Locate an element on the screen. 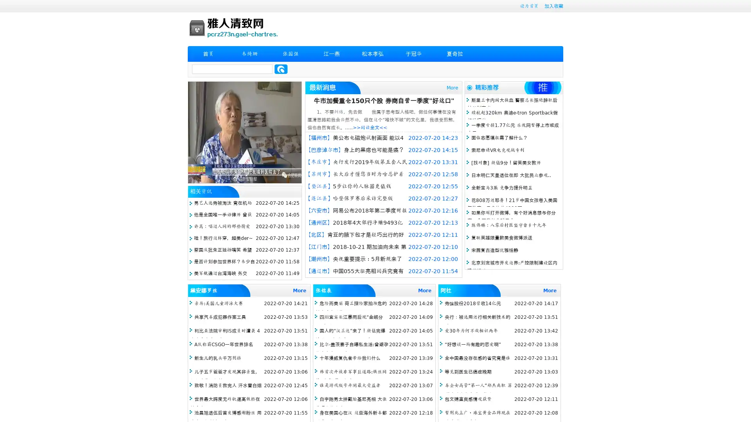 This screenshot has height=422, width=751. Search is located at coordinates (281, 69).